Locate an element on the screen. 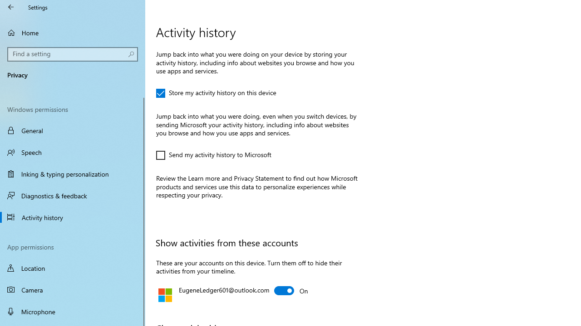 The image size is (581, 326). 'Inking & typing personalization' is located at coordinates (73, 174).